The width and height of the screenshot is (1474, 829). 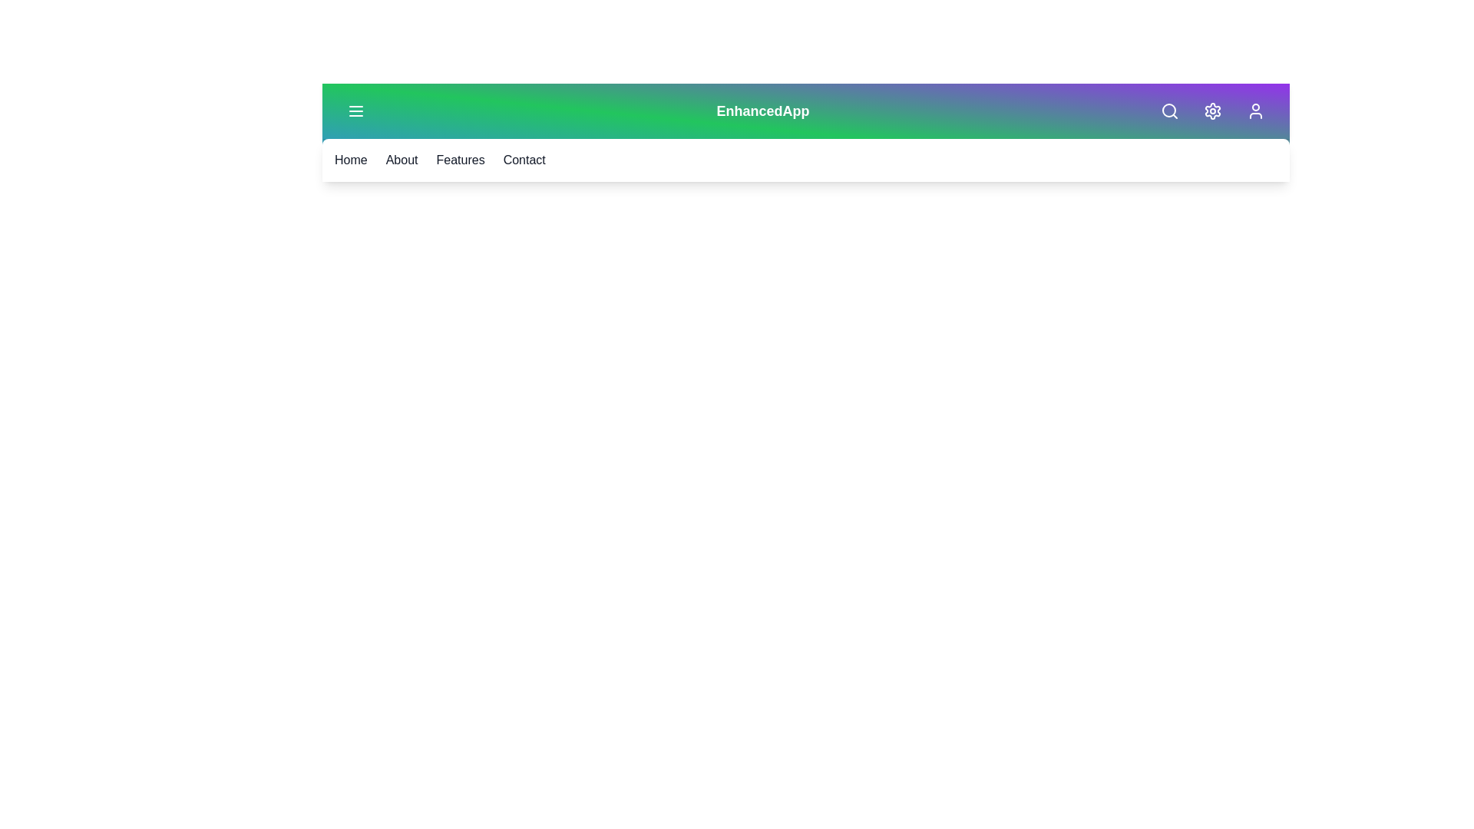 What do you see at coordinates (460, 160) in the screenshot?
I see `the navigation link labeled 'Features'` at bounding box center [460, 160].